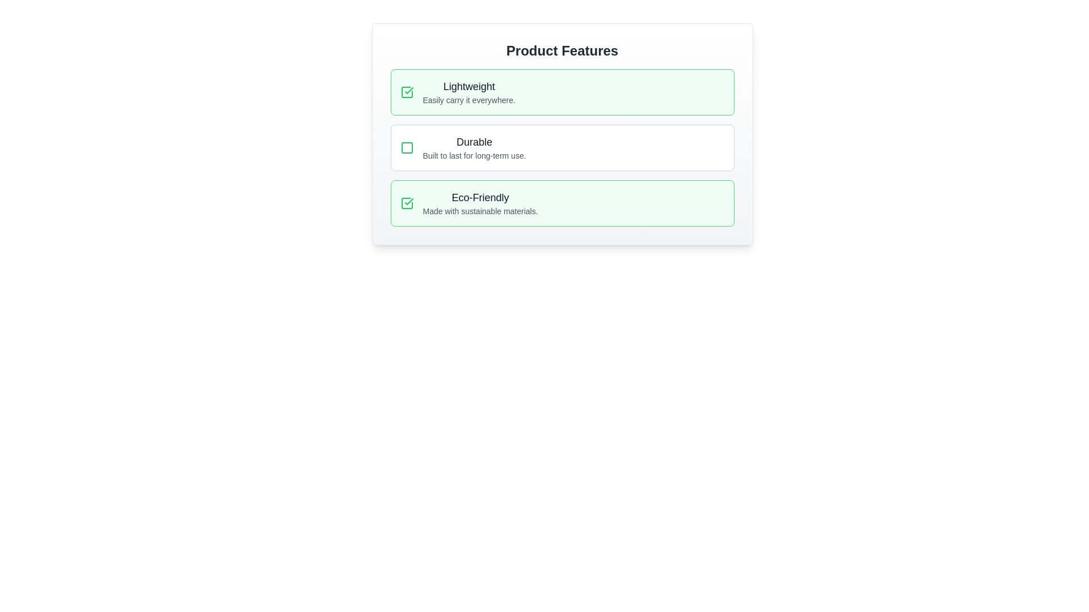 This screenshot has height=612, width=1089. I want to click on the descriptive section that highlights the product's lightweight nature and portability, located in the green-highlighted area at the top of the product features list, so click(469, 91).